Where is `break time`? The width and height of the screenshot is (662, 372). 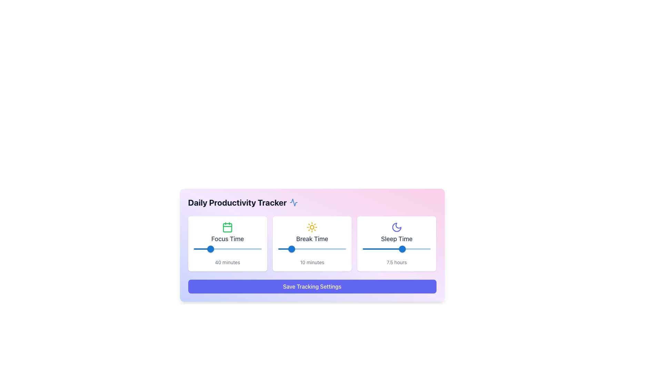
break time is located at coordinates (293, 249).